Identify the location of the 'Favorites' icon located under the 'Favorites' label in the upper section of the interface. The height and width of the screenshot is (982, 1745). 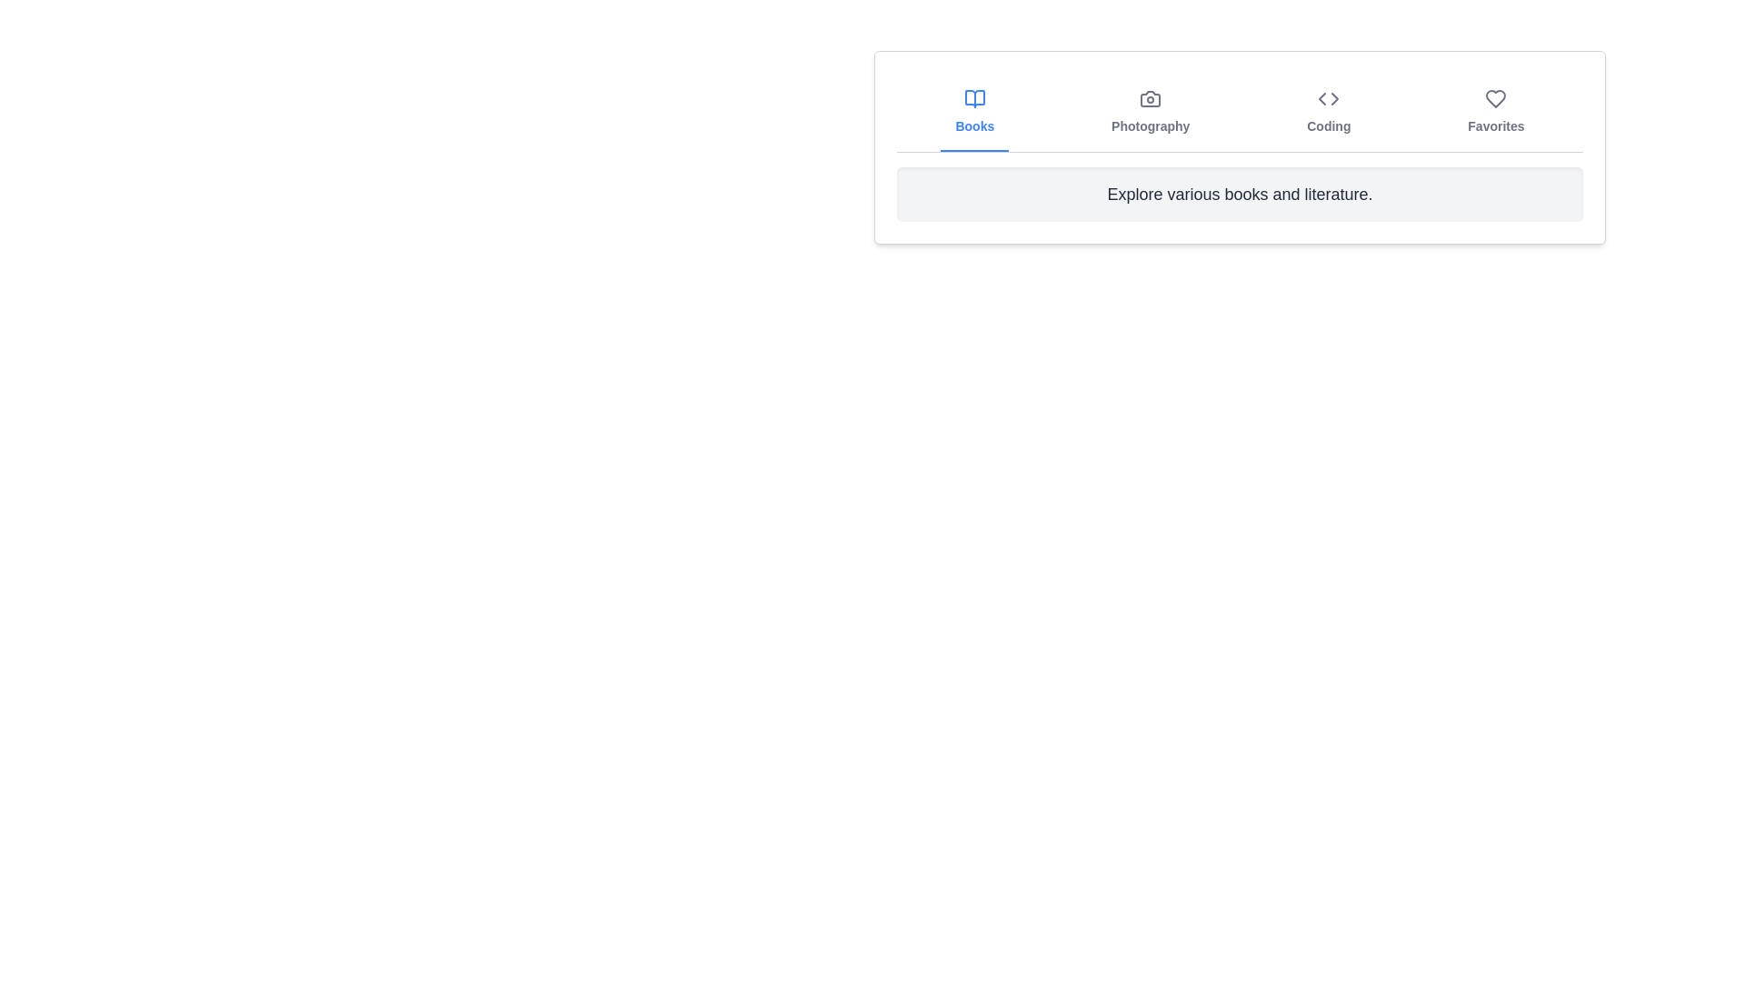
(1496, 98).